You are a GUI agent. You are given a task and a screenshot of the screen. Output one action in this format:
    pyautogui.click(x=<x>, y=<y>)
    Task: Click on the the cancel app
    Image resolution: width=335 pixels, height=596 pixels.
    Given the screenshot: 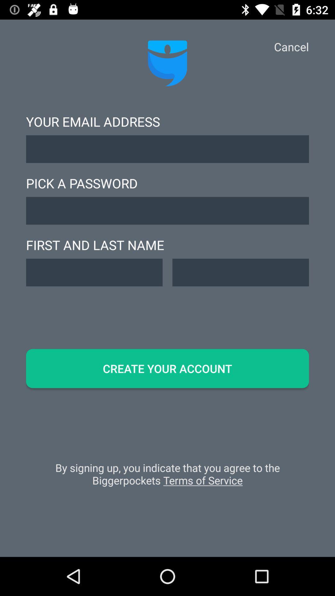 What is the action you would take?
    pyautogui.click(x=291, y=46)
    